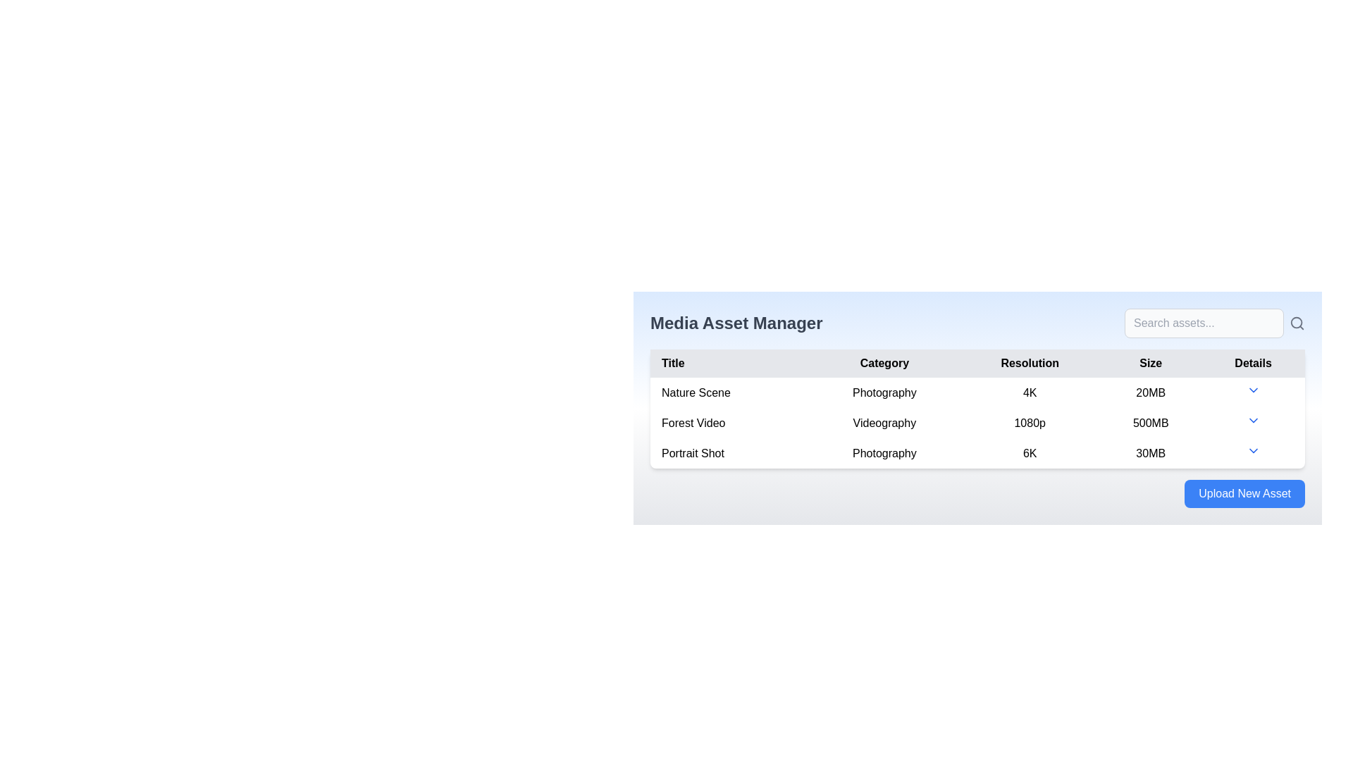 This screenshot has height=761, width=1353. Describe the element at coordinates (884, 453) in the screenshot. I see `the static text label displaying 'Photography' located in the third row and second column of the 'Media Asset Manager' table` at that location.